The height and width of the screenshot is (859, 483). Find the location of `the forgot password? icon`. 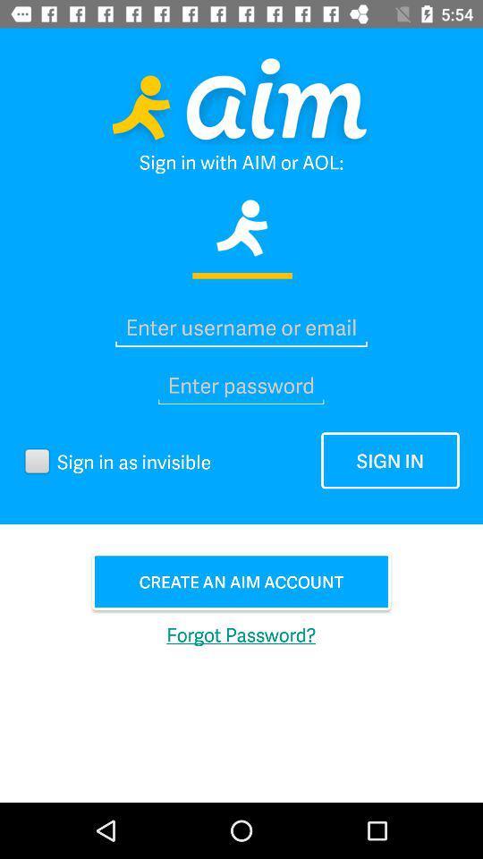

the forgot password? icon is located at coordinates (241, 634).